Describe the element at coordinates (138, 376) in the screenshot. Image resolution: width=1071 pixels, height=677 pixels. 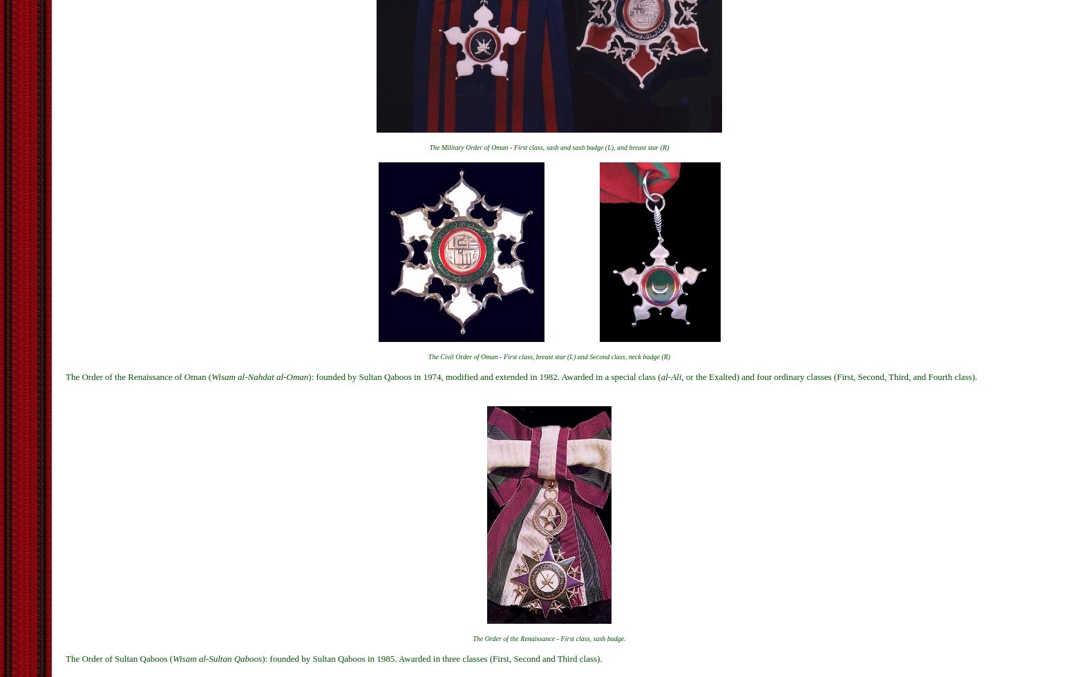
I see `'The Order of the Renaissance of Oman ('` at that location.